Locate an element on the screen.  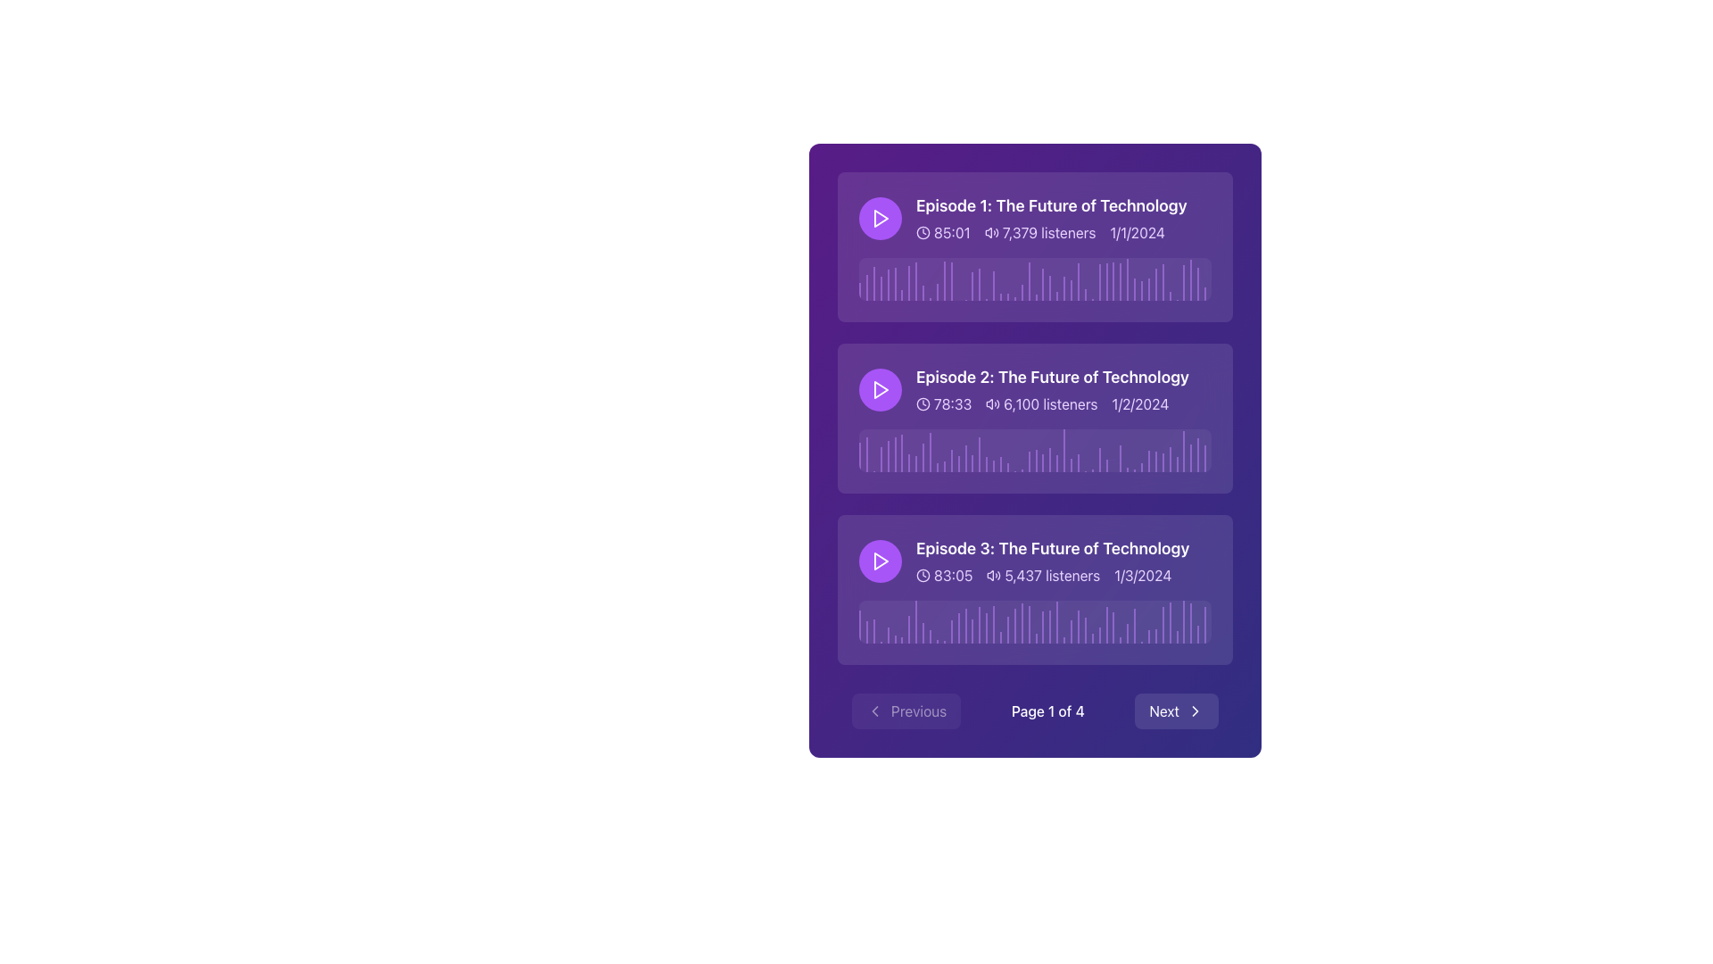
the purple semi-transparent vertical Indicator bar located in the waveform grid, specifically positioned under 'Episode 1: The Future of Technology' and being the 36th bar out of 50 is located at coordinates (1113, 281).